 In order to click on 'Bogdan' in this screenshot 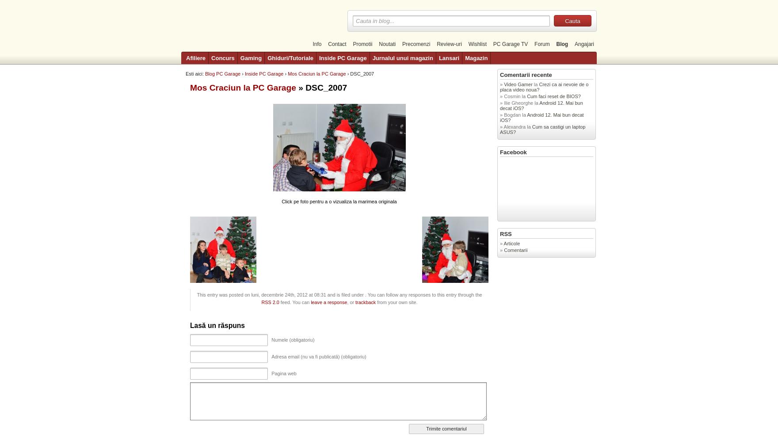, I will do `click(511, 115)`.